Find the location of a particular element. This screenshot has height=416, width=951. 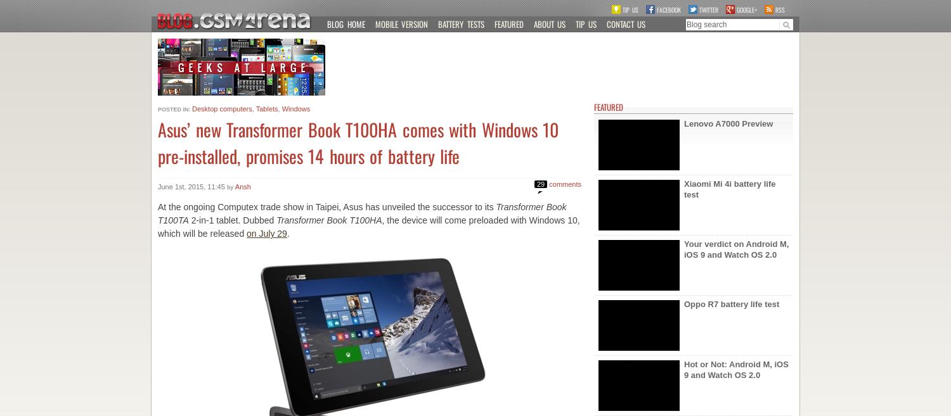

'2-in-1 tablet. Dubbed' is located at coordinates (231, 220).